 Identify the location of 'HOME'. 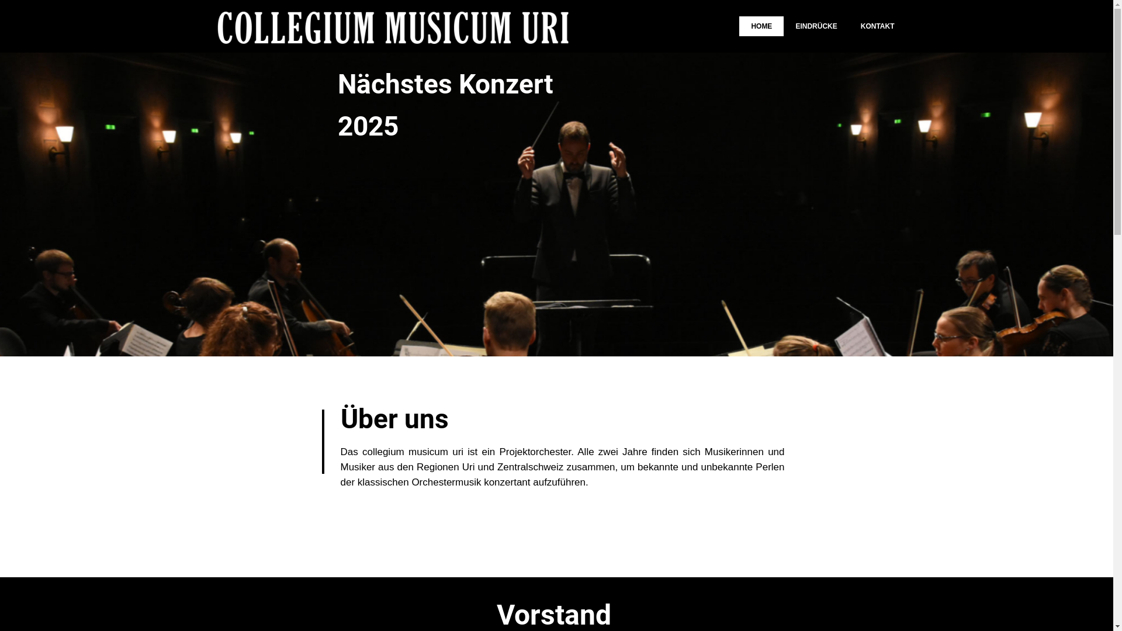
(761, 26).